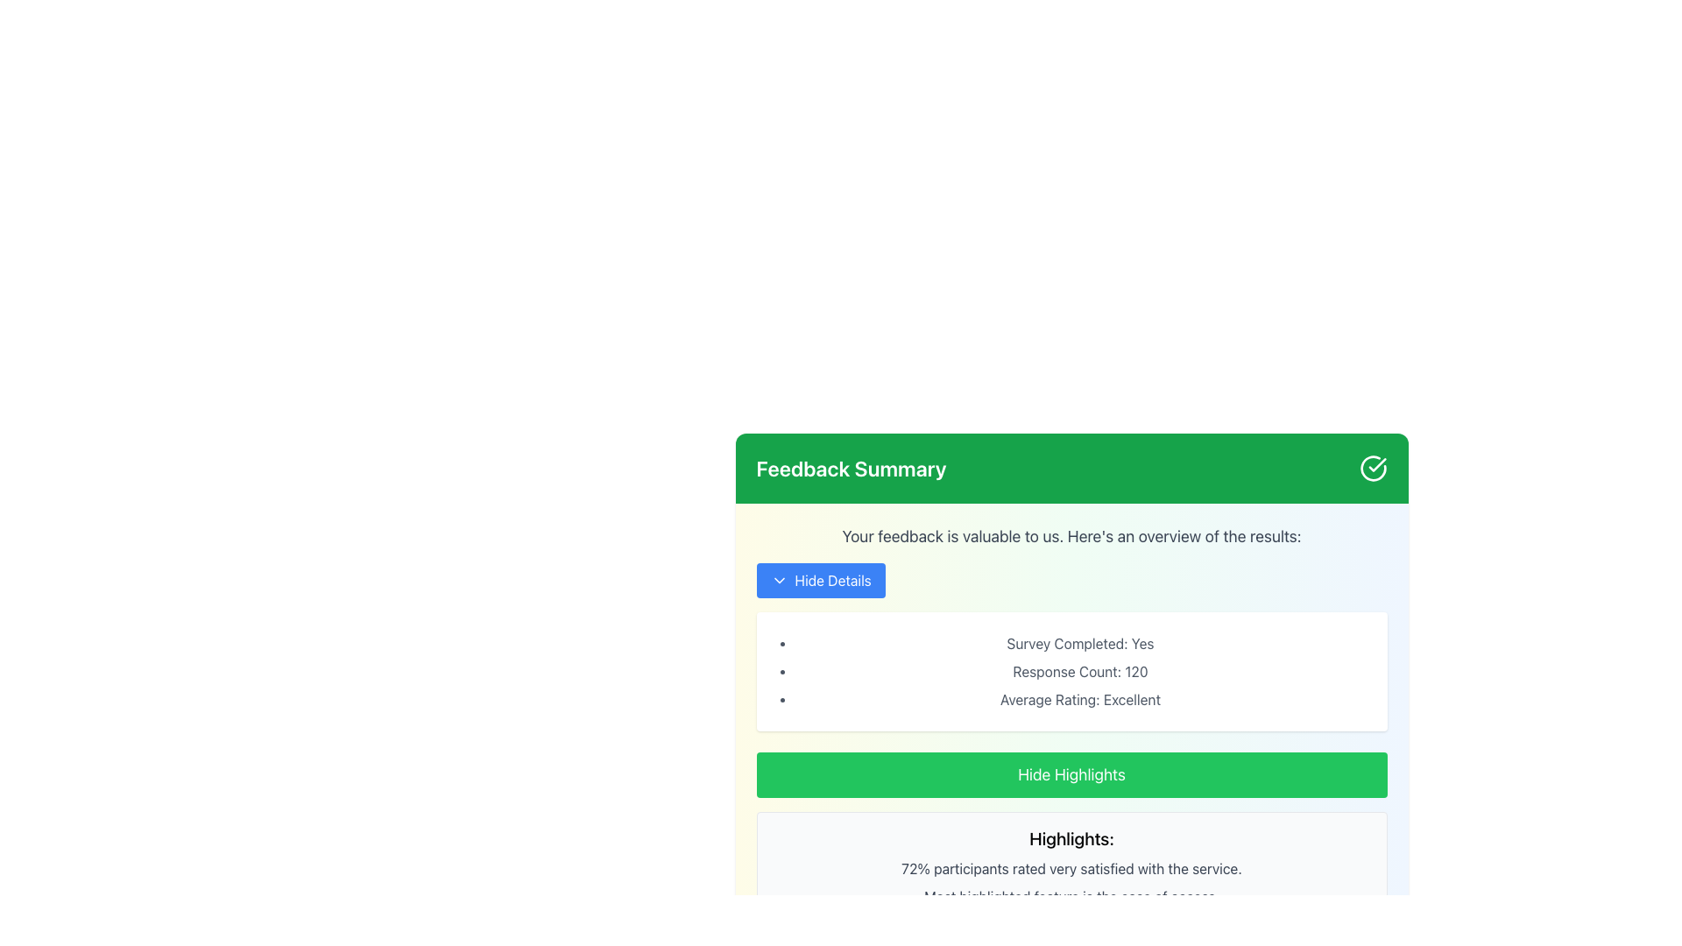 The image size is (1682, 946). I want to click on text element displaying the message 'Your feedback is valuable to us. Here's an overview of the results:' in gray font, located below the 'Feedback Summary' header and above the 'Hide Details' button, so click(1071, 536).